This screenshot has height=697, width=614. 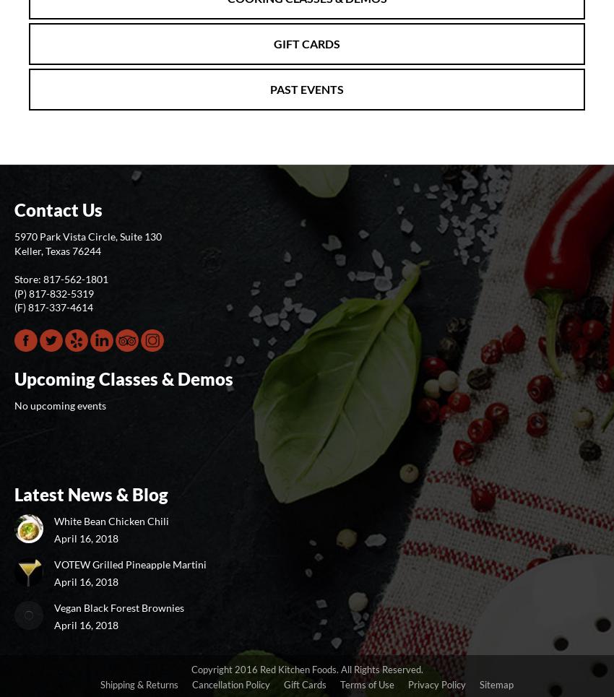 What do you see at coordinates (436, 685) in the screenshot?
I see `'Privacy Policy'` at bounding box center [436, 685].